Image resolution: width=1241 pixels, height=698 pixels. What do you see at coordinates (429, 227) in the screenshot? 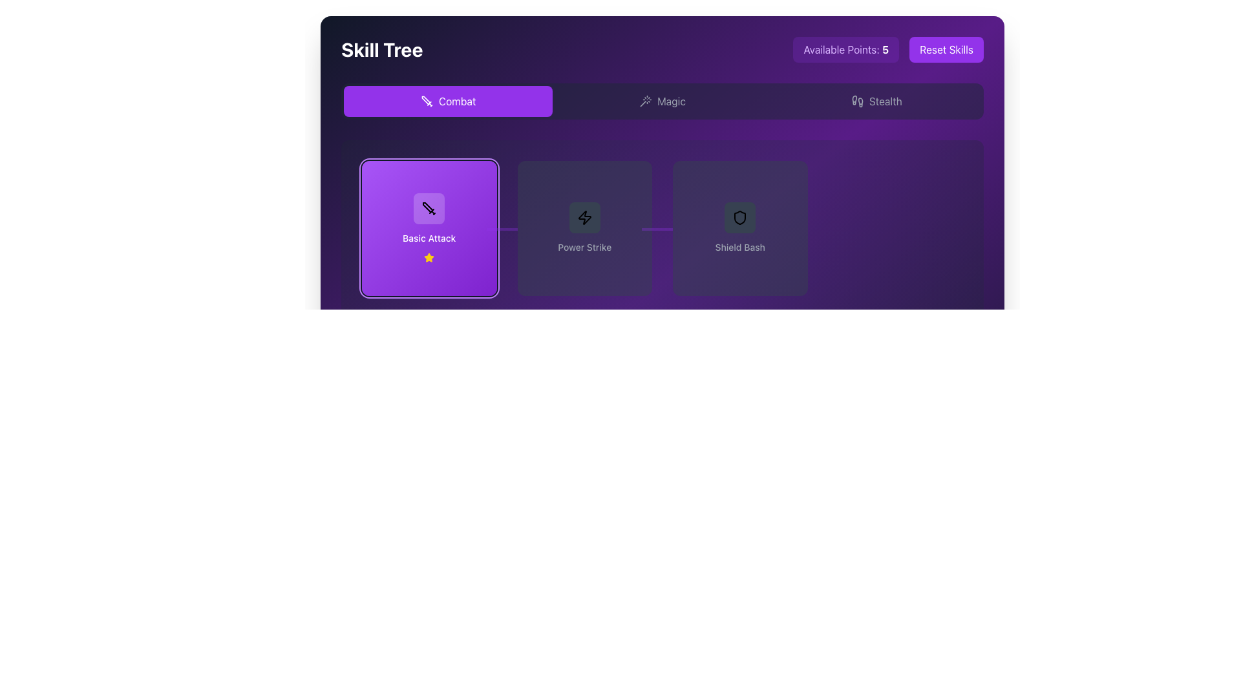
I see `the 'Basic Attack' button, which is a square tile with a gradient purple background and a black sword icon` at bounding box center [429, 227].